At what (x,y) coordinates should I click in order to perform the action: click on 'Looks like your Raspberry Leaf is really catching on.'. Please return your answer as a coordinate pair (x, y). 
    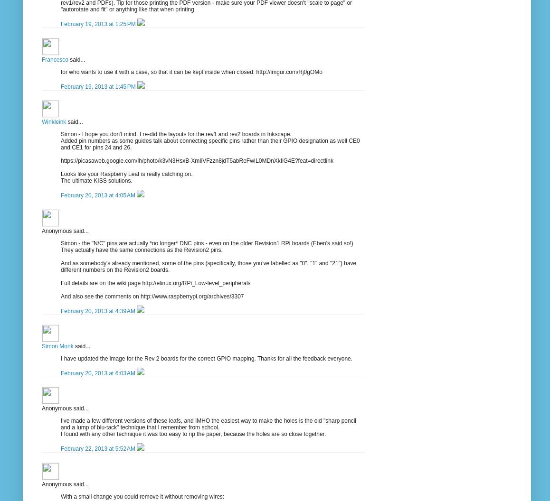
    Looking at the image, I should click on (126, 173).